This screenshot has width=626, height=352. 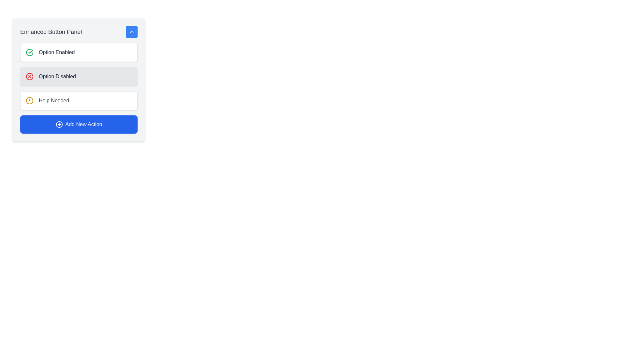 What do you see at coordinates (78, 88) in the screenshot?
I see `the informational panel labeled 'Option Disabled' located in the 'Enhanced Button Panel', which is the second element in the vertical stack` at bounding box center [78, 88].